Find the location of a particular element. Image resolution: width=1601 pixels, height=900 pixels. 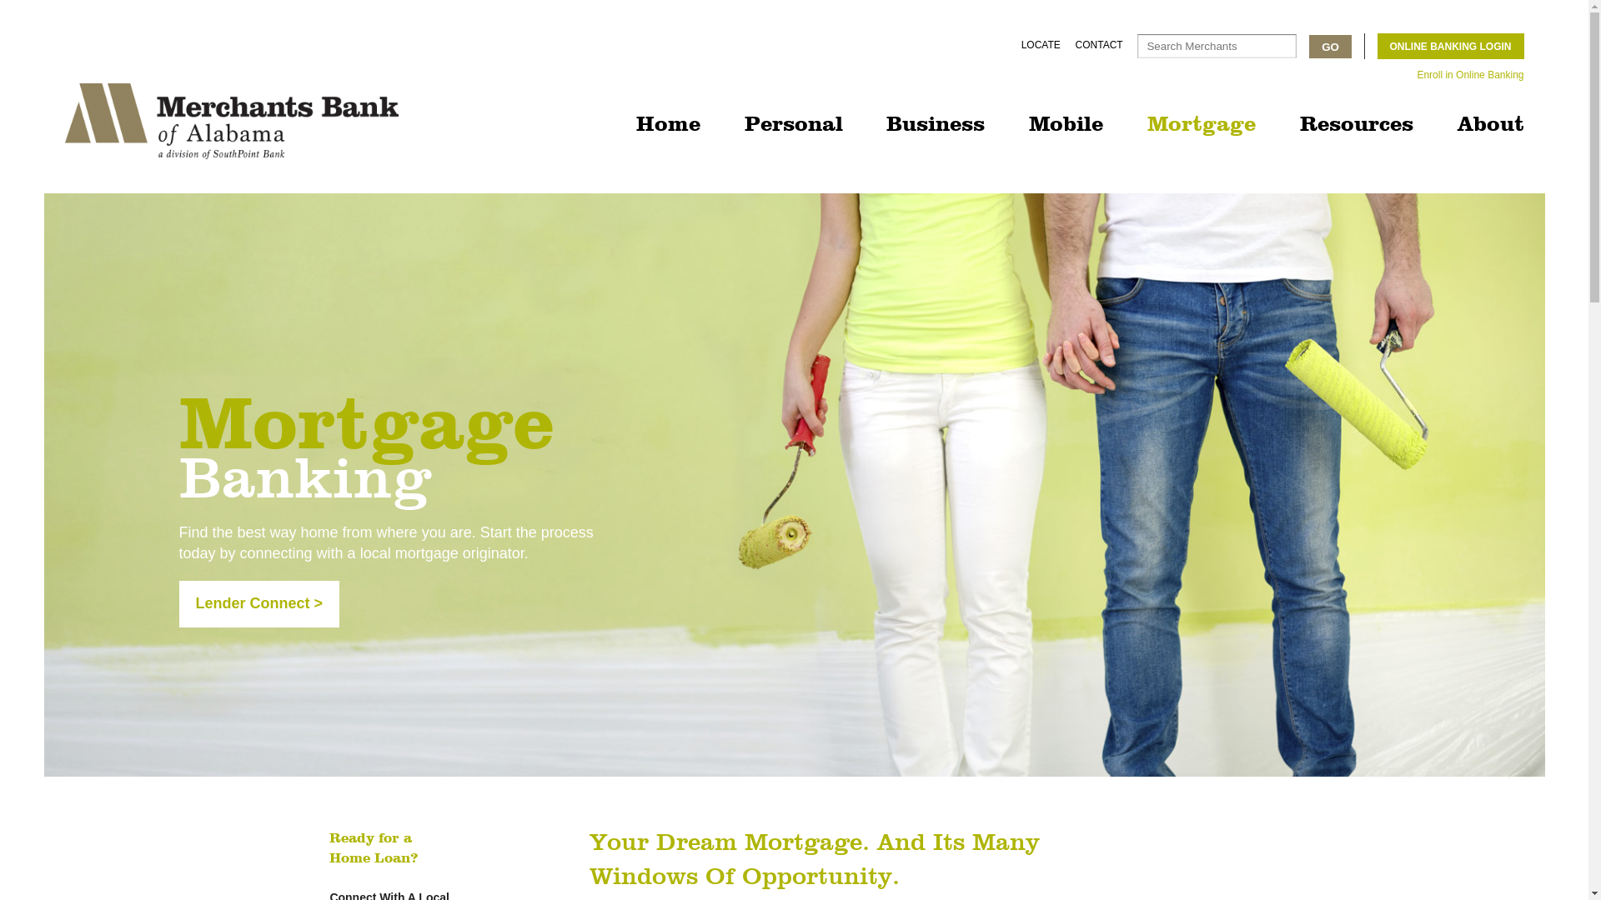

'Mortgage' is located at coordinates (1147, 124).